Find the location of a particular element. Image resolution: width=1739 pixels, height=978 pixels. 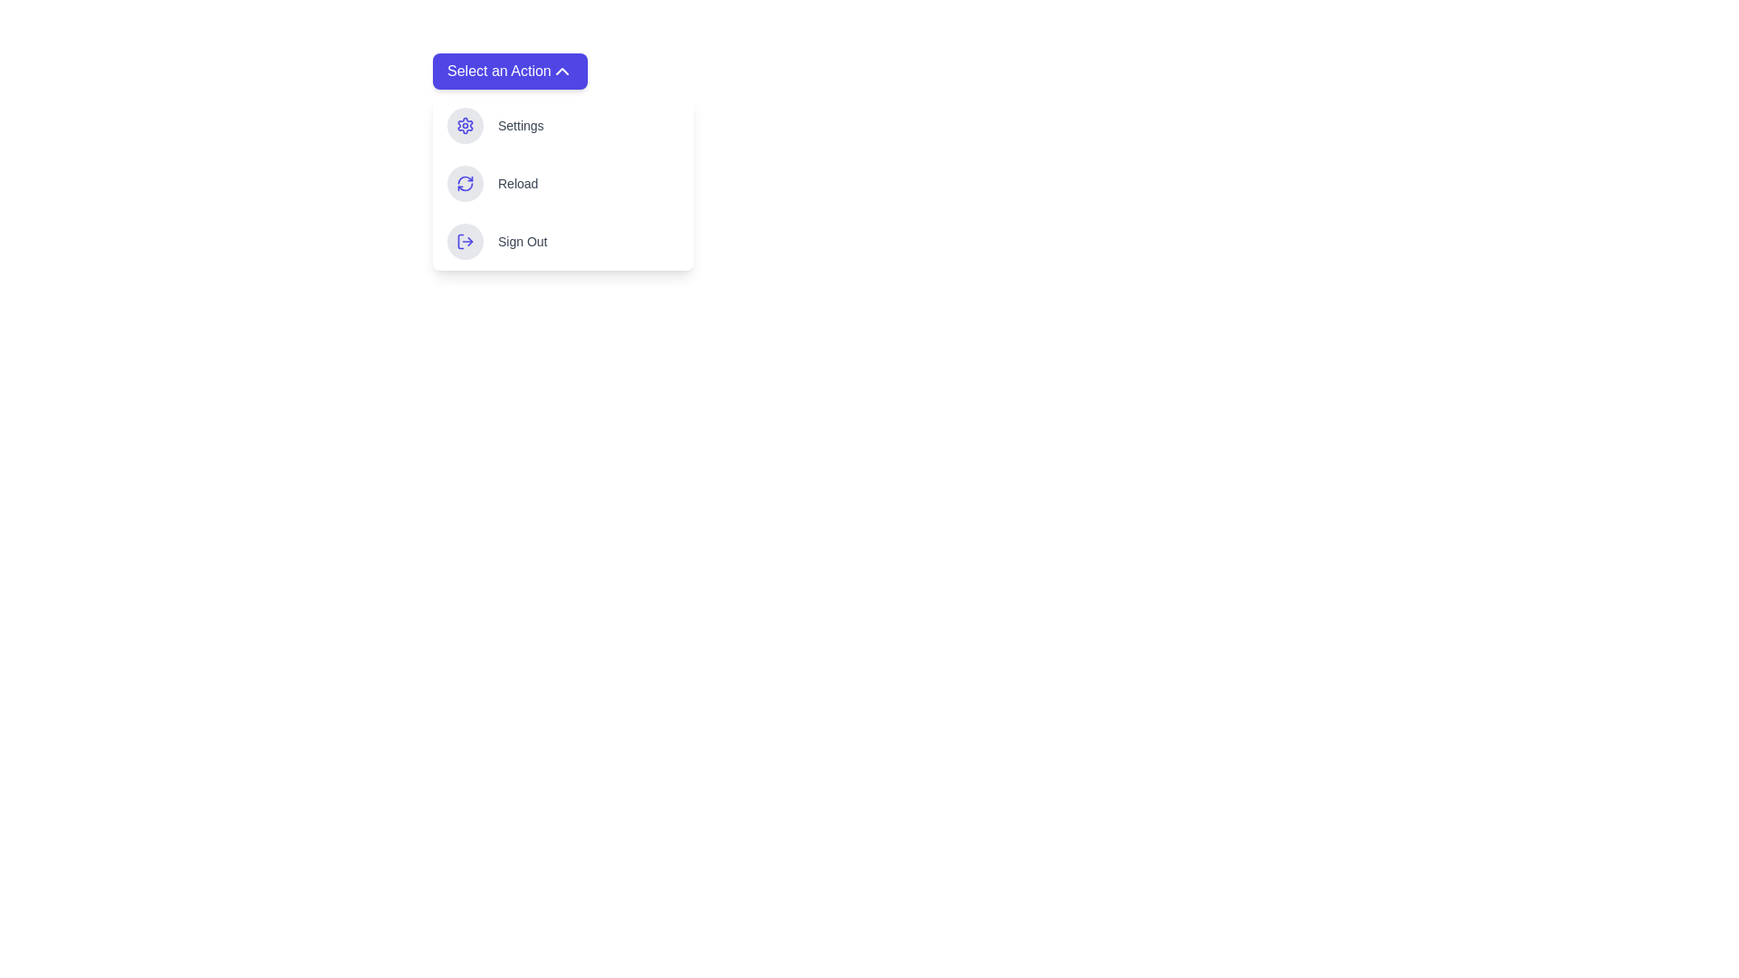

the circular arrow icon in the vertical menu labeled 'Reload' is located at coordinates (465, 184).